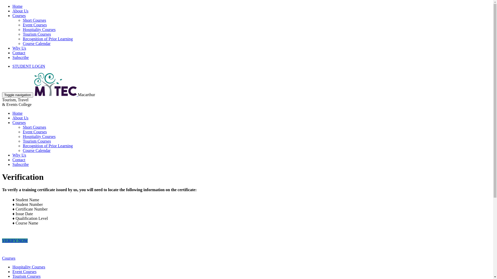 The width and height of the screenshot is (497, 279). I want to click on 'Toggle navigation', so click(17, 95).